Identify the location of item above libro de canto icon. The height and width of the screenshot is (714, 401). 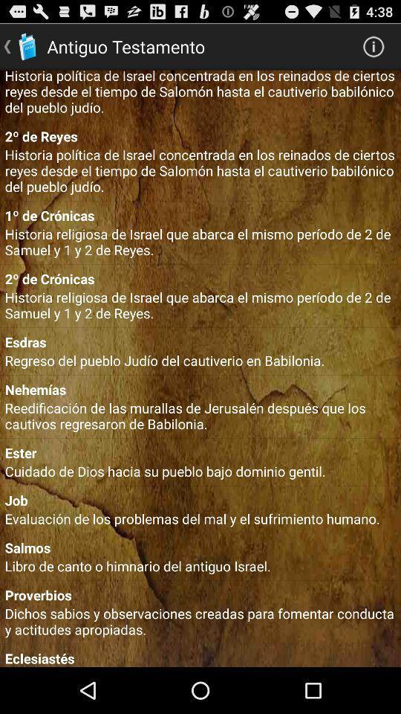
(200, 547).